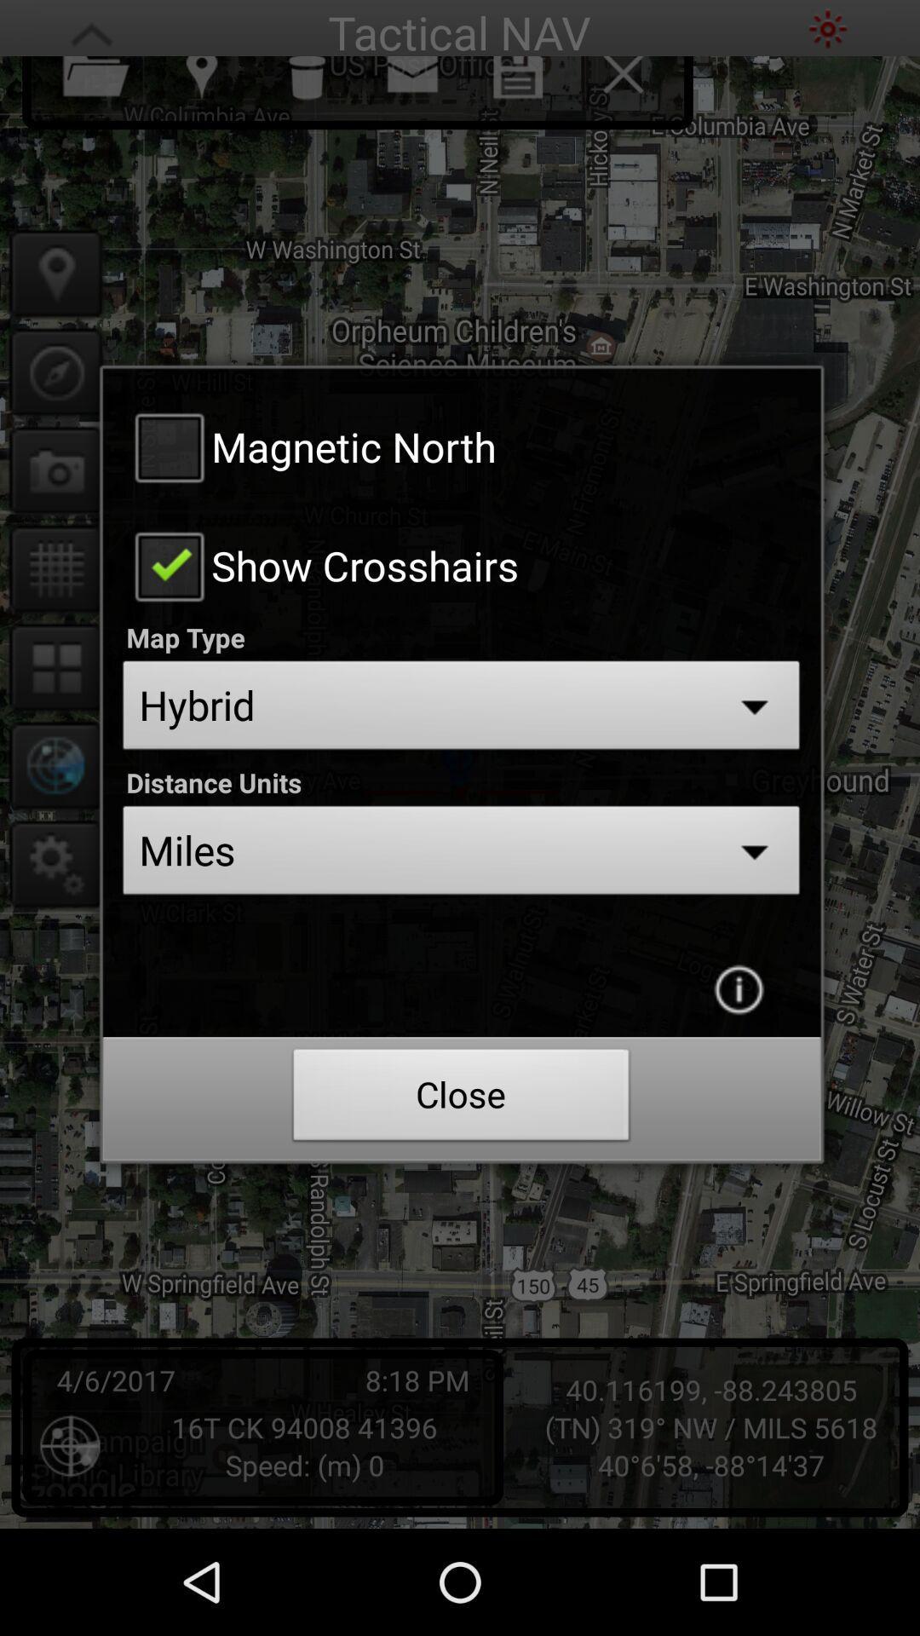 The height and width of the screenshot is (1636, 920). What do you see at coordinates (738, 989) in the screenshot?
I see `get more information` at bounding box center [738, 989].